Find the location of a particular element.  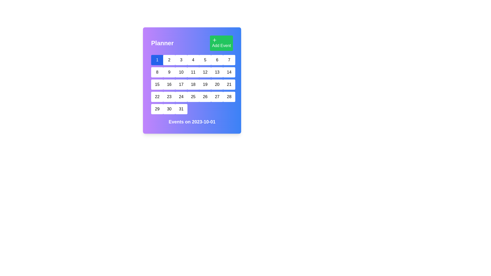

the square-shaped button displaying the number '26' in a black, bold font, located in the fifth row of a 7-column grid layout in a calendar-like interface is located at coordinates (205, 97).